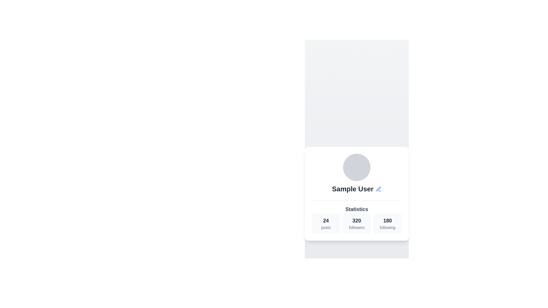 Image resolution: width=548 pixels, height=308 pixels. I want to click on the text label displaying 'posts', which is styled in a smaller font size and lighter gray color, located directly below the number '24' in the user profile statistics card, so click(326, 227).